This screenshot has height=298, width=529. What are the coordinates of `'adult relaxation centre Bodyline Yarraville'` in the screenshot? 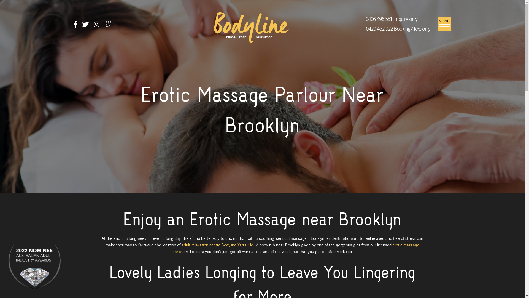 It's located at (181, 244).